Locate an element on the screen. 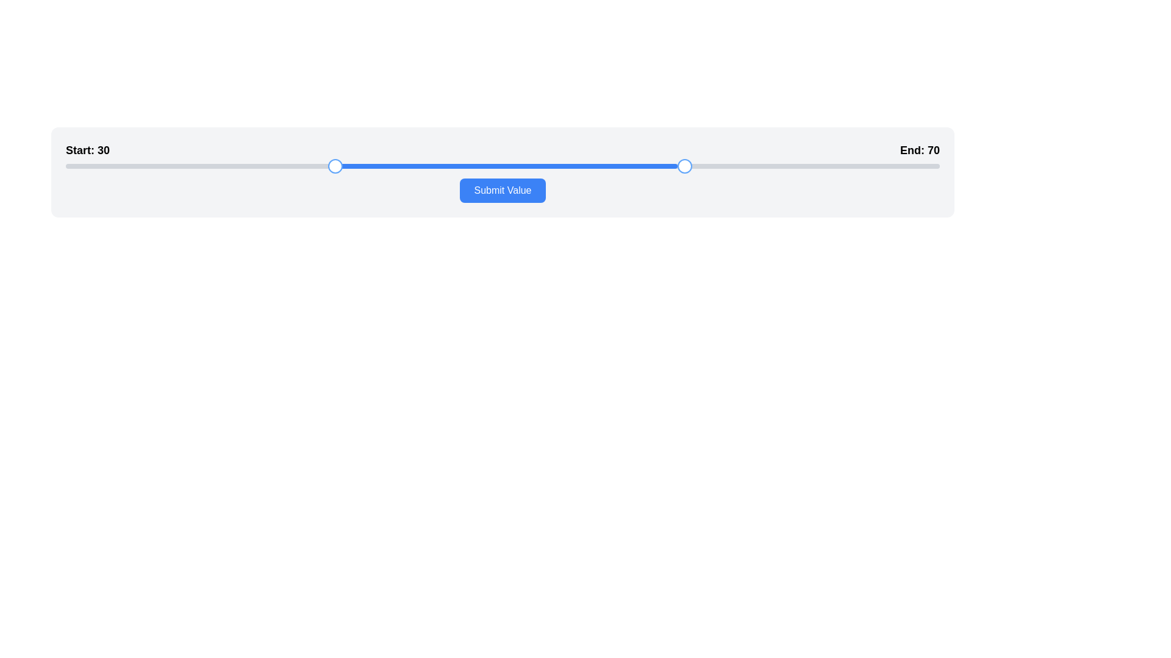  slider position is located at coordinates (441, 166).